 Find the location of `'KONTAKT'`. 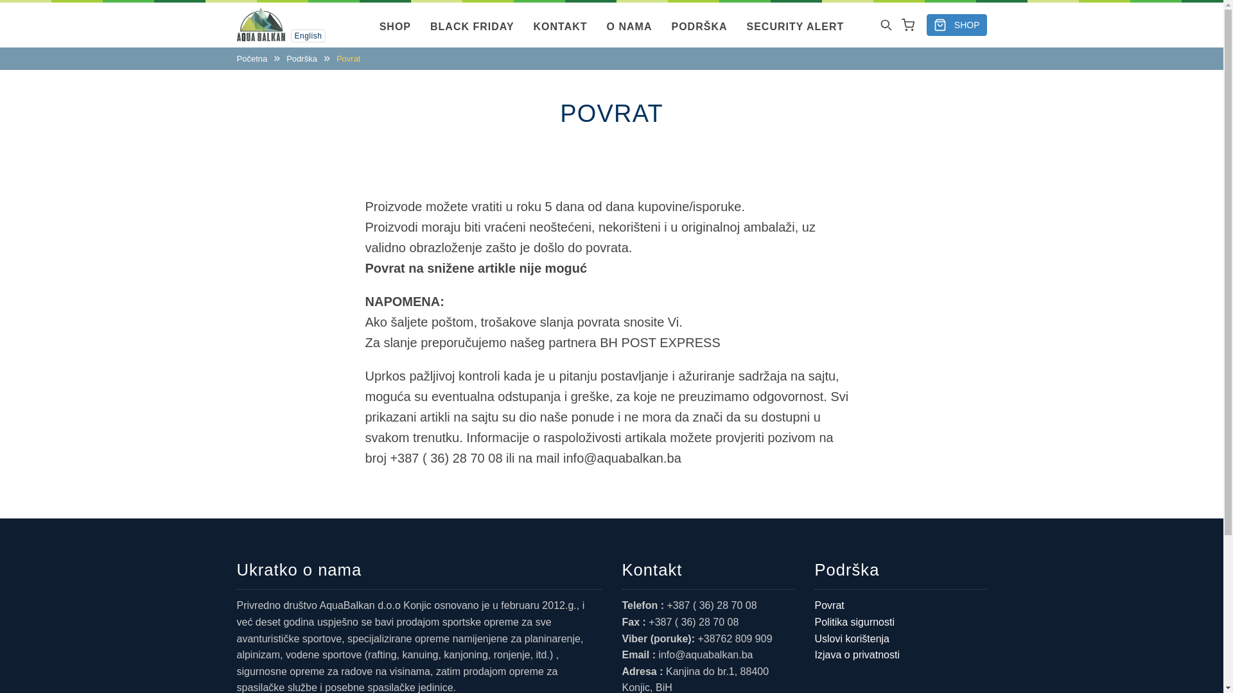

'KONTAKT' is located at coordinates (524, 27).